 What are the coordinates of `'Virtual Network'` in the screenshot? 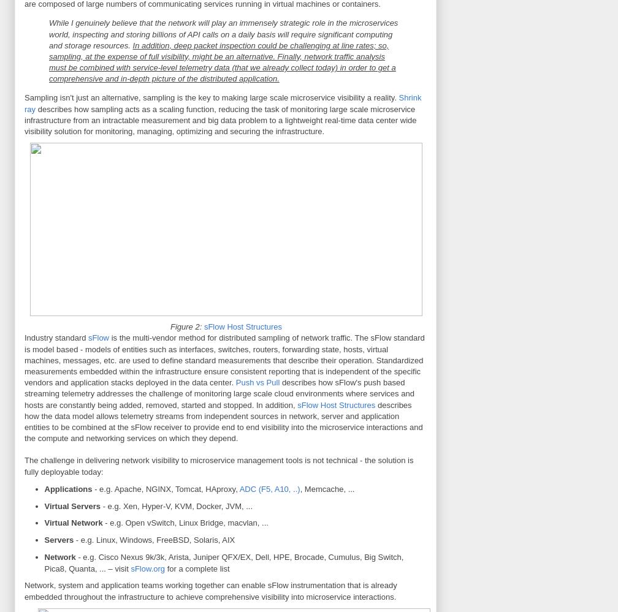 It's located at (73, 522).